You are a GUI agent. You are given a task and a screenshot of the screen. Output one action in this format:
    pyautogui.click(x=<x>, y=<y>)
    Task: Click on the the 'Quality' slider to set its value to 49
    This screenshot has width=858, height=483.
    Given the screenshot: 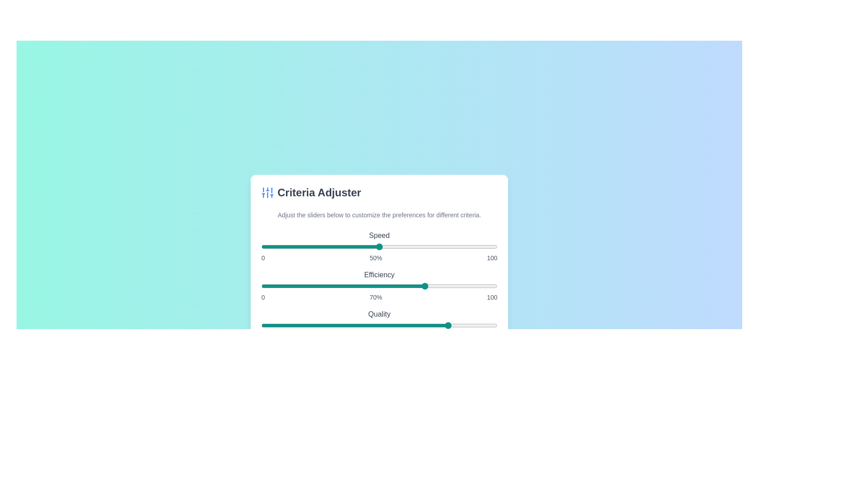 What is the action you would take?
    pyautogui.click(x=377, y=326)
    